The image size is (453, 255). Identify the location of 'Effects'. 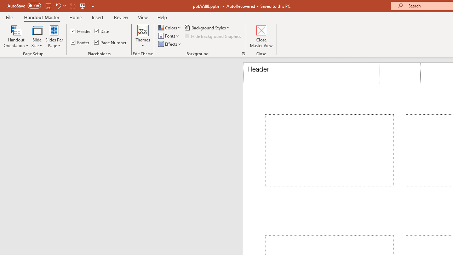
(170, 44).